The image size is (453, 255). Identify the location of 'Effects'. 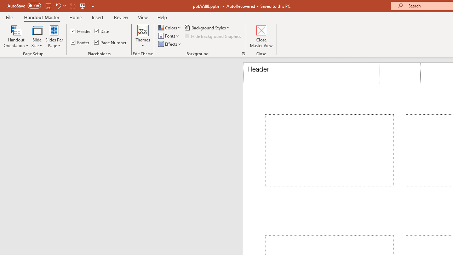
(170, 44).